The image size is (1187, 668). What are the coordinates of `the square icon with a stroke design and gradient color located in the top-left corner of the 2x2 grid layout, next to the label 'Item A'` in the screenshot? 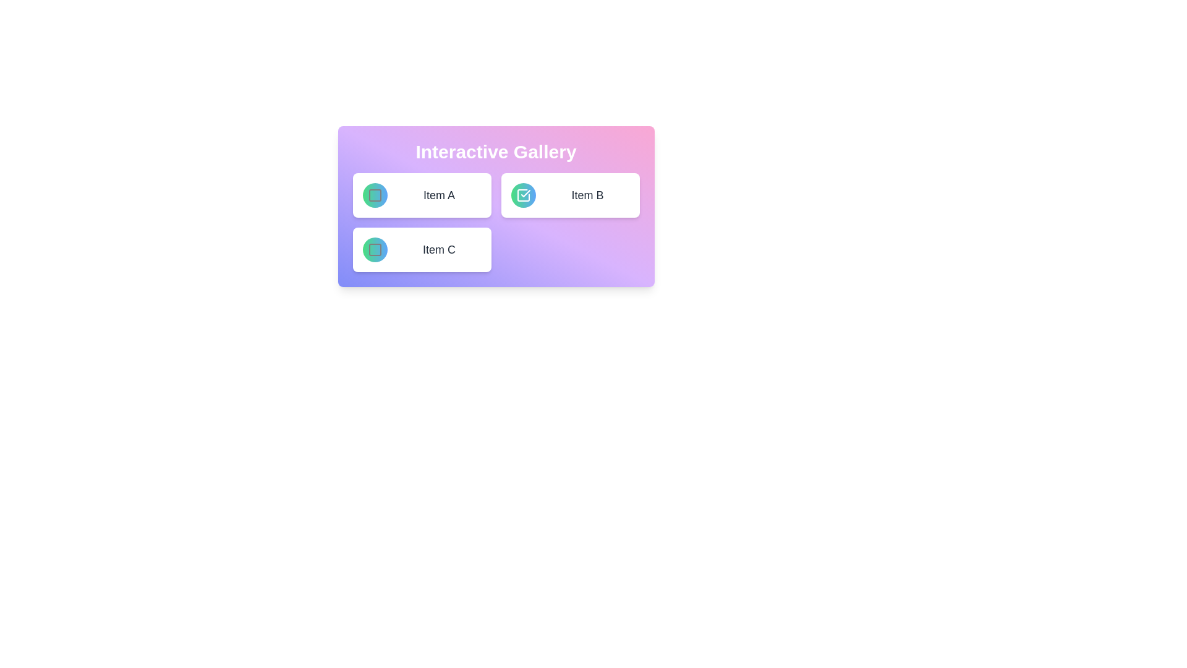 It's located at (374, 195).